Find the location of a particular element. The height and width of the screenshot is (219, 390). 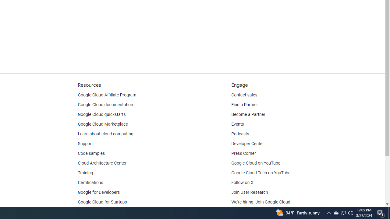

'Code samples' is located at coordinates (91, 153).